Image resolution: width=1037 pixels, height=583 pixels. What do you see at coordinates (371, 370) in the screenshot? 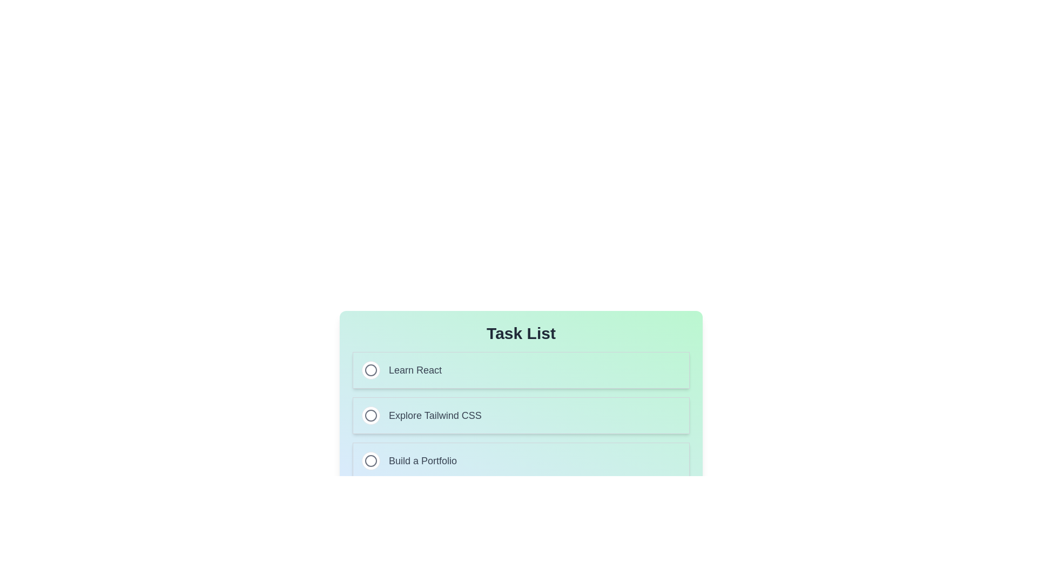
I see `the circular radio button with a white background and red fill located to the left of the 'Learn React' list item` at bounding box center [371, 370].